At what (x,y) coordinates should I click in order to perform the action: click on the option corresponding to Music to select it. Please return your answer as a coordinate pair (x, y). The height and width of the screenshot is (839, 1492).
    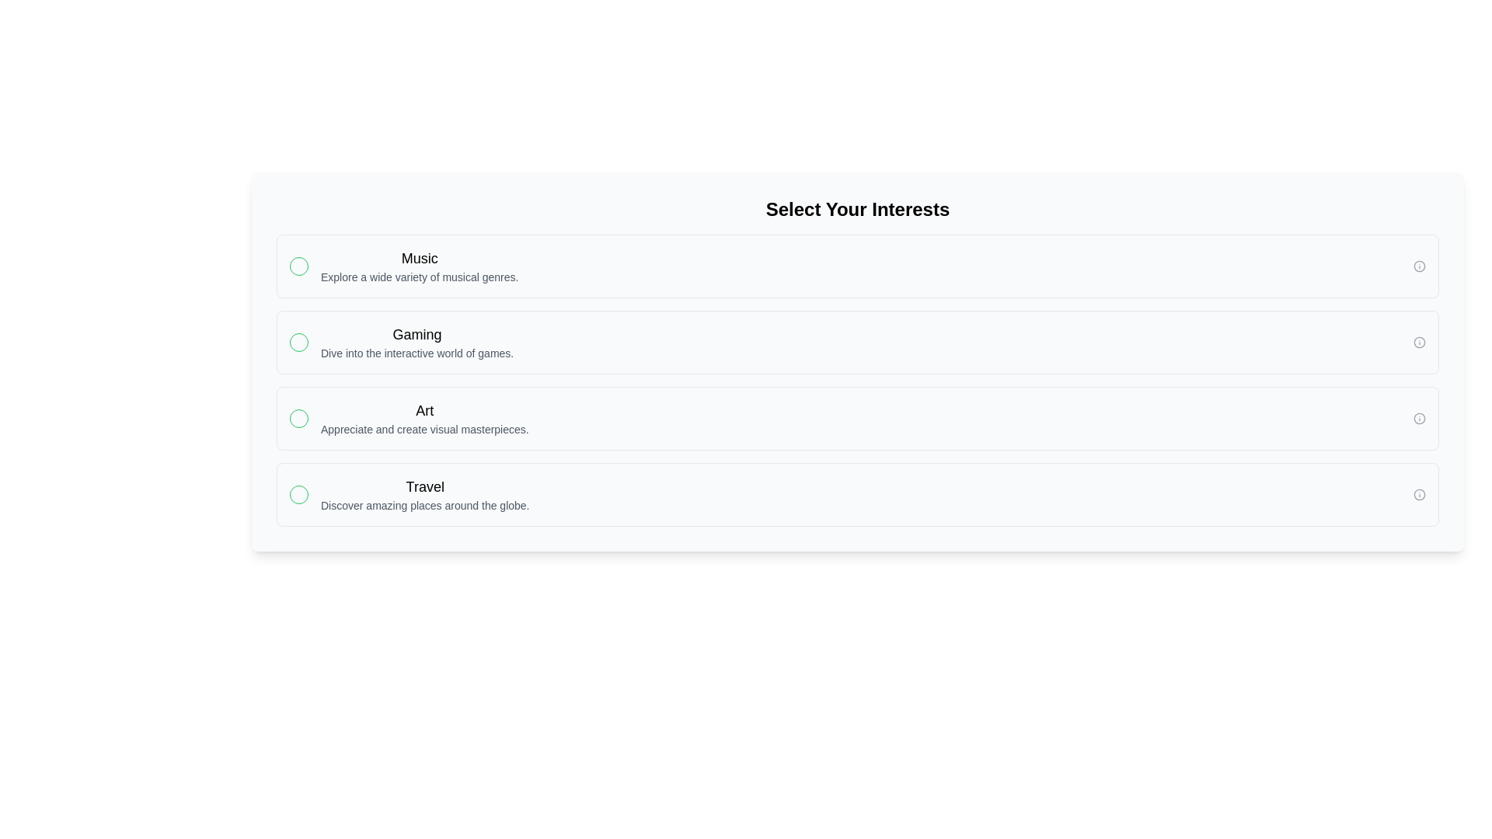
    Looking at the image, I should click on (857, 266).